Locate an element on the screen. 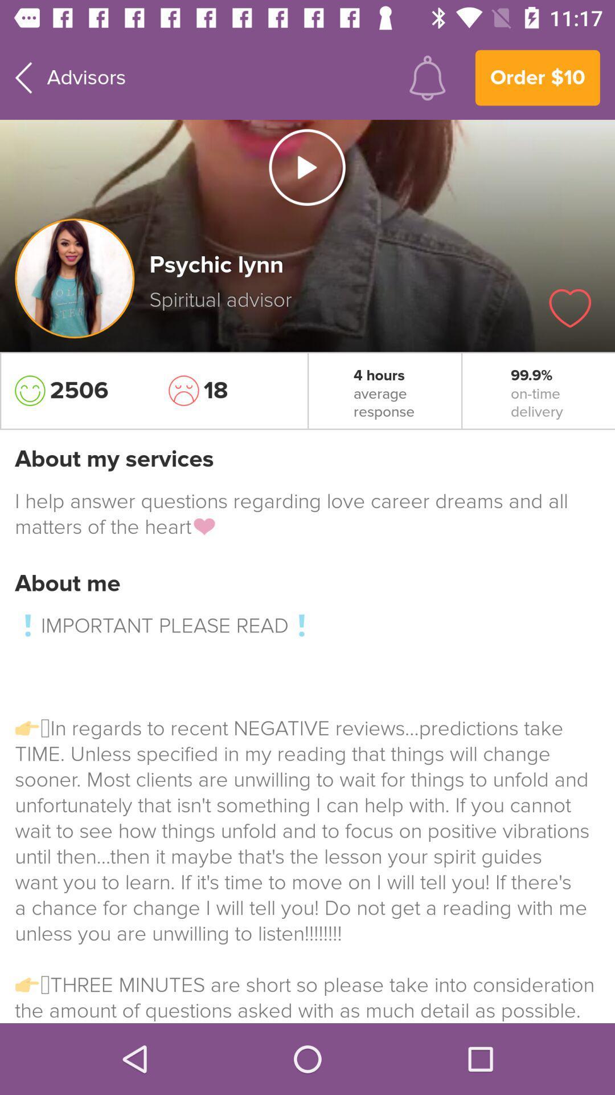  icon to the right of the advisors icon is located at coordinates (427, 77).